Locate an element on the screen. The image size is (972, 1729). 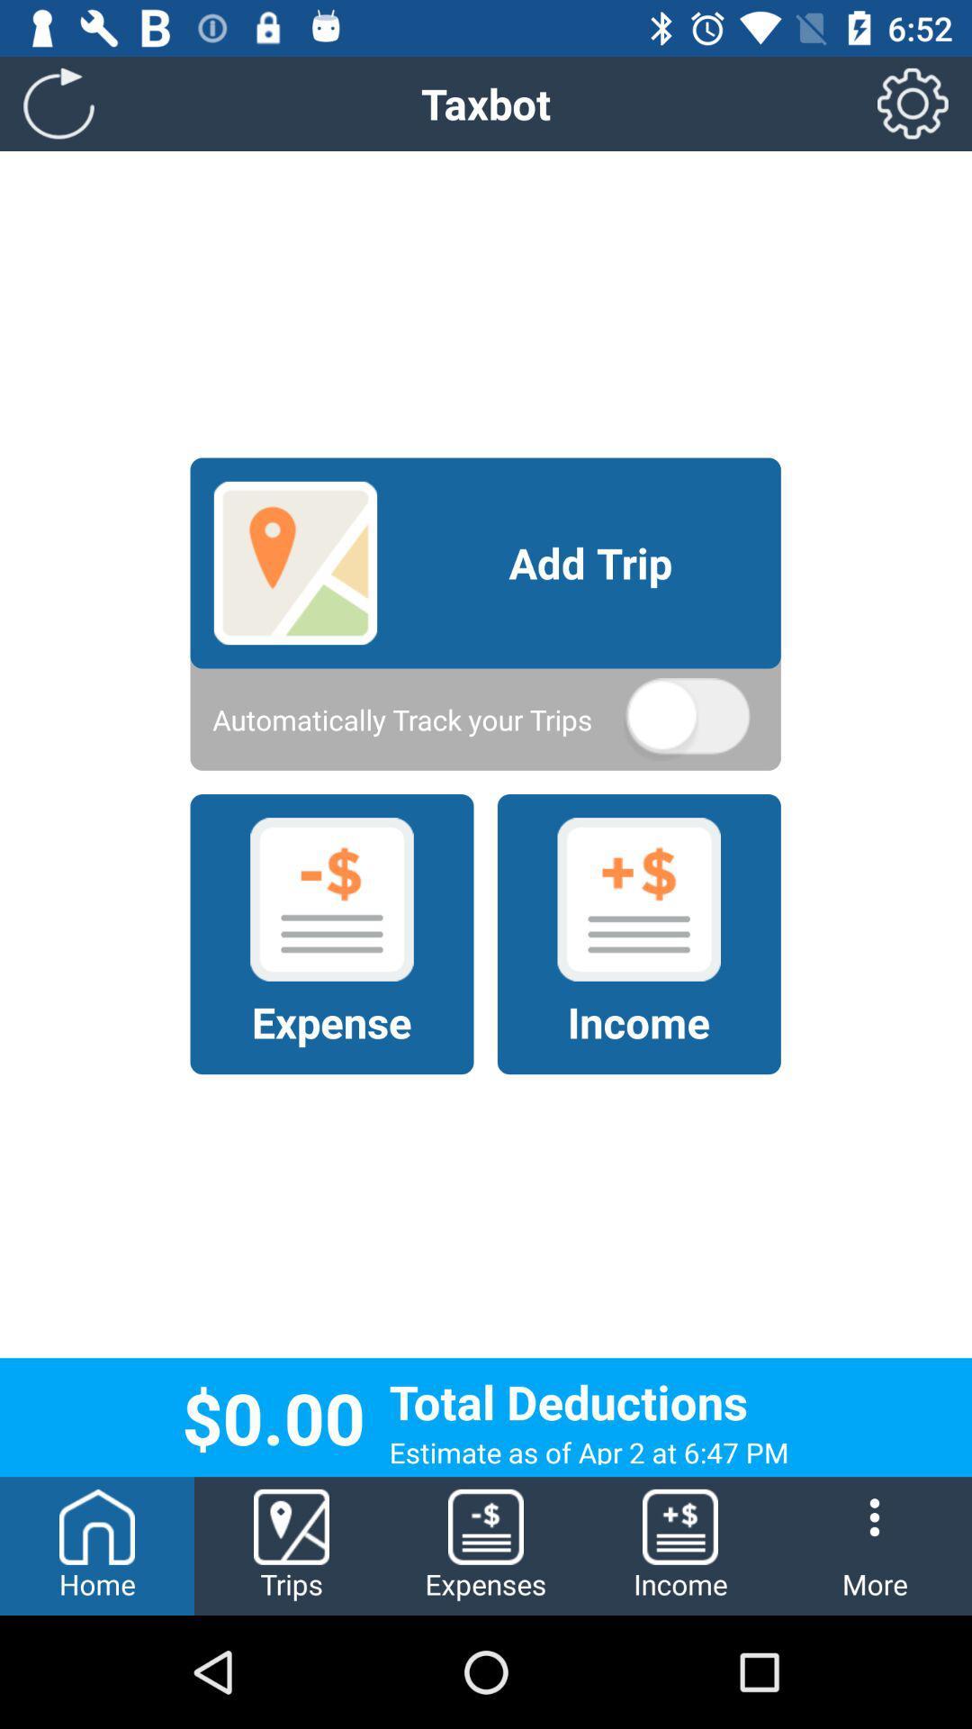
the icon below add trip is located at coordinates (687, 719).